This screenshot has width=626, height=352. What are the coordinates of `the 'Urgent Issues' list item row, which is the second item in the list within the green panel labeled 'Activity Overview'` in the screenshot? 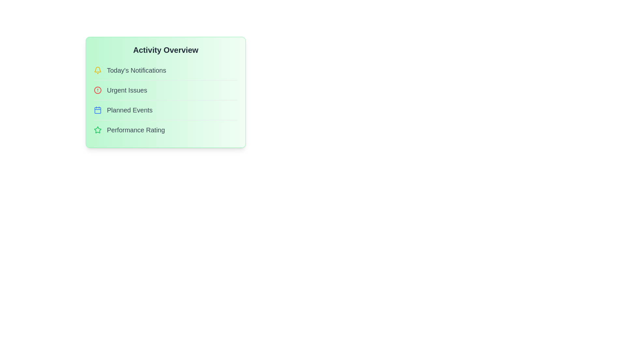 It's located at (166, 90).